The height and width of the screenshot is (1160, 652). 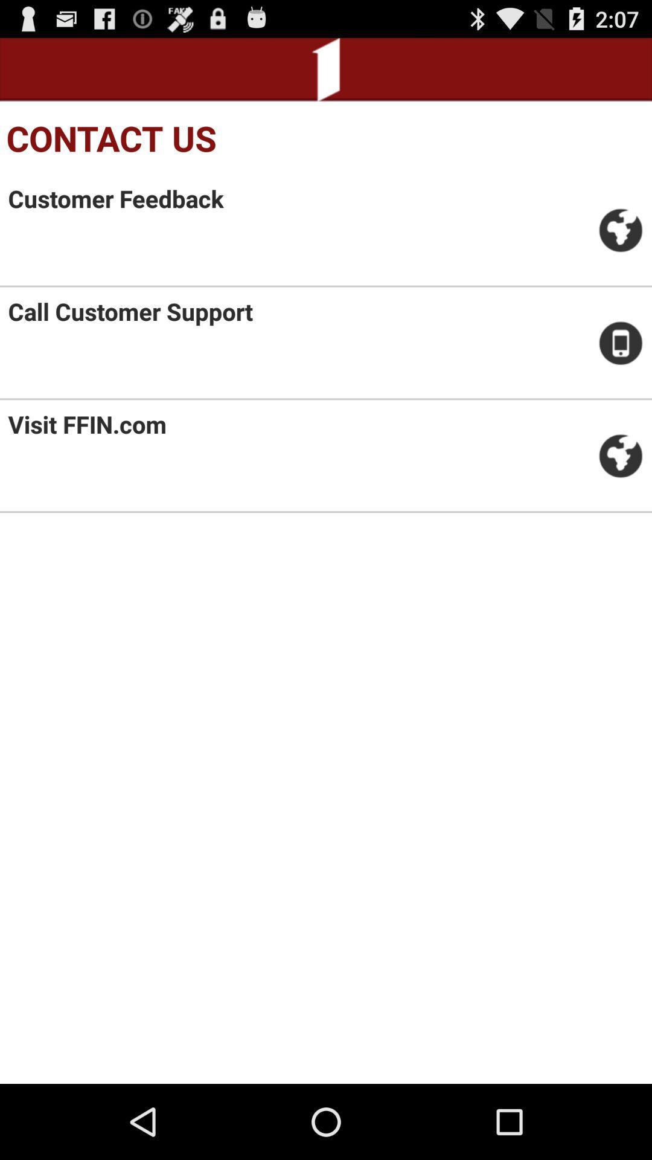 What do you see at coordinates (86, 424) in the screenshot?
I see `icon below the call customer support item` at bounding box center [86, 424].